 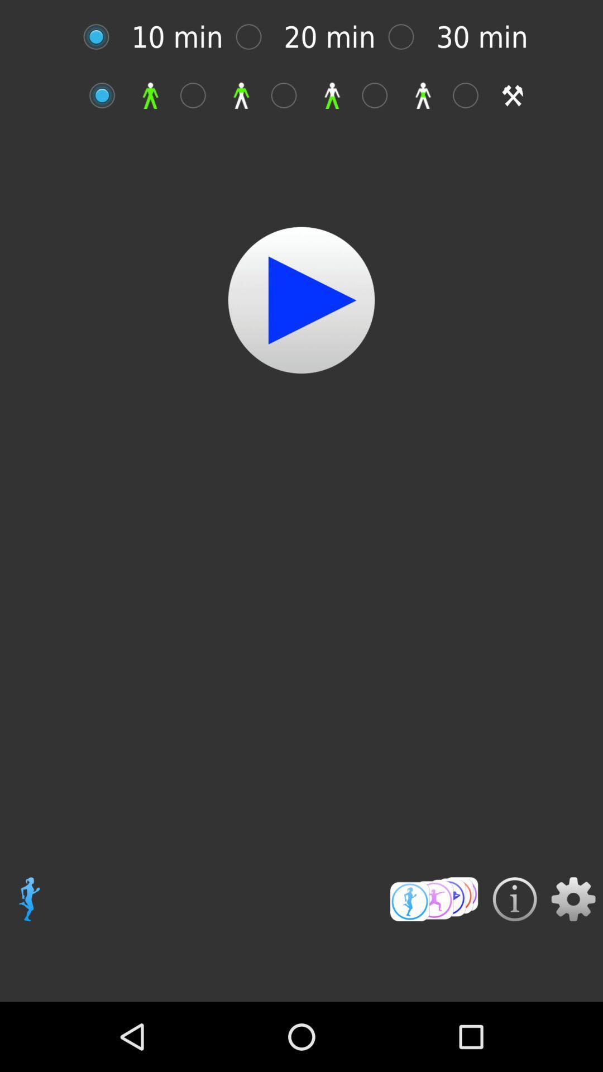 I want to click on option, so click(x=108, y=95).